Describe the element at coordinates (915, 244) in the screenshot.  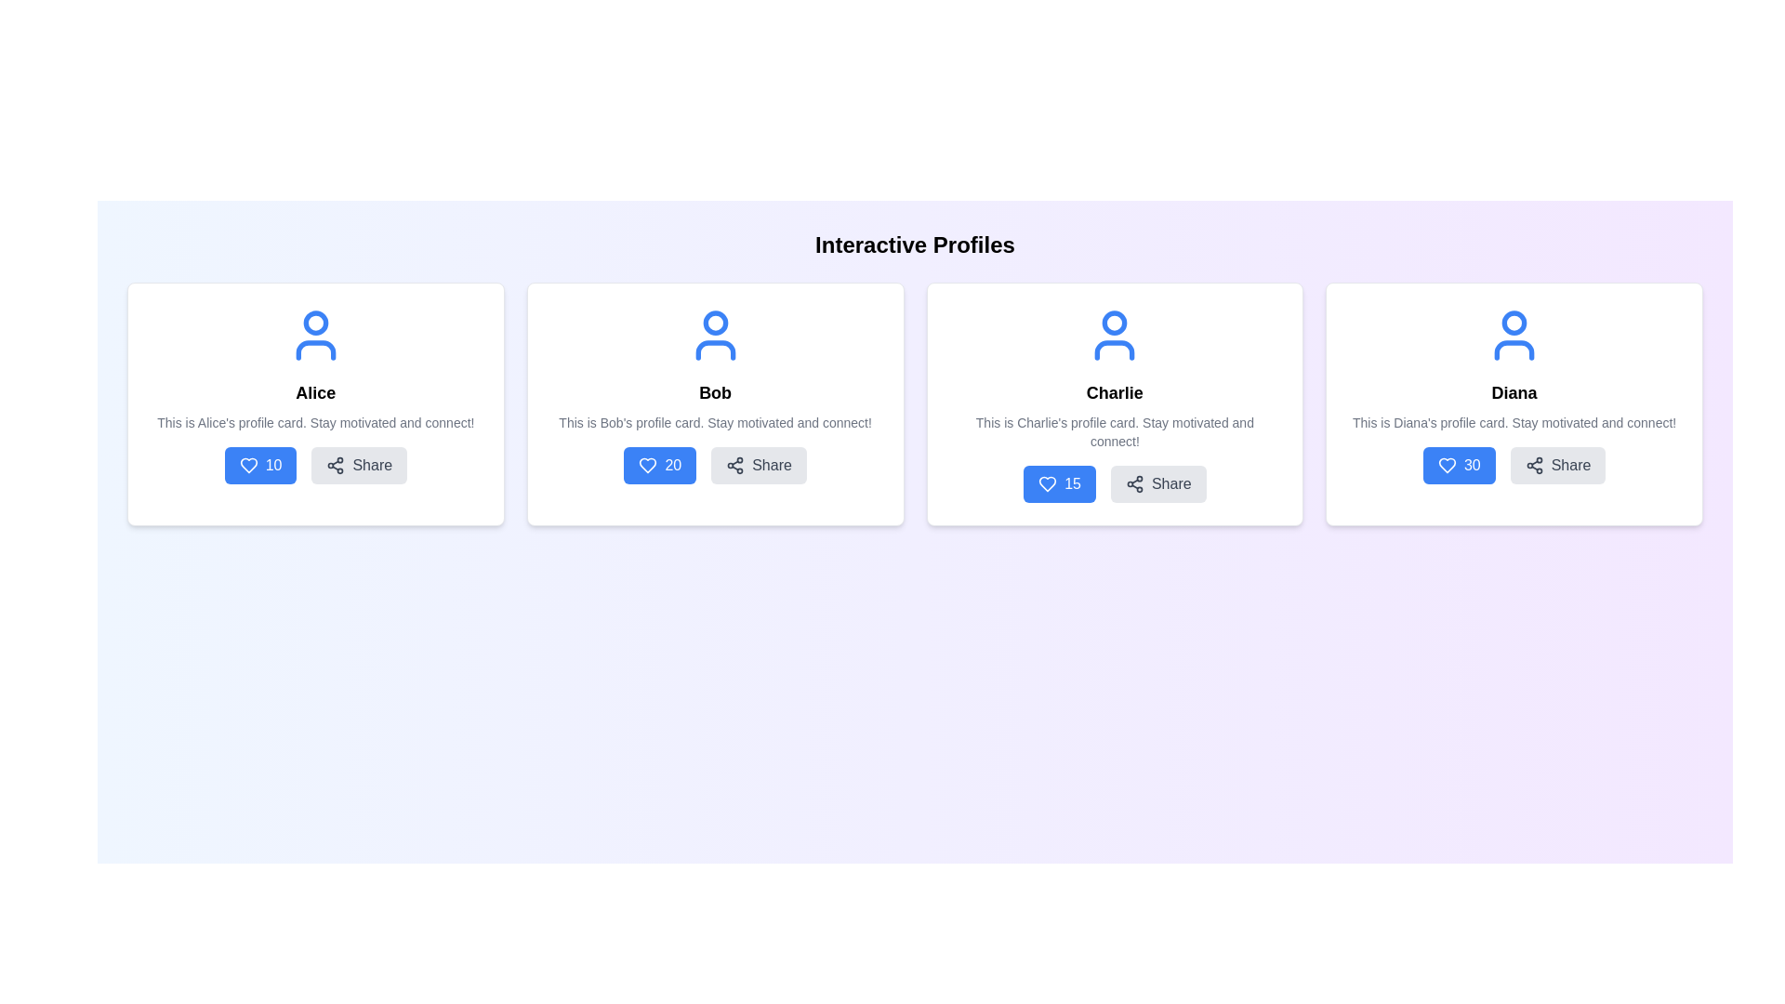
I see `the bold, large-sized text element displaying the title 'Interactive Profiles'` at that location.